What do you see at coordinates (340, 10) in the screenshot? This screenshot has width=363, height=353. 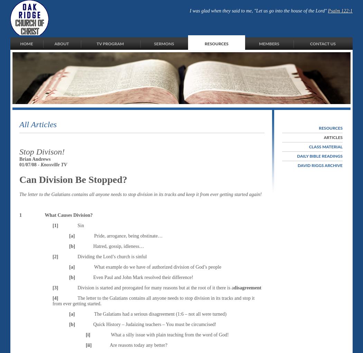 I see `'Psalm 122:1'` at bounding box center [340, 10].